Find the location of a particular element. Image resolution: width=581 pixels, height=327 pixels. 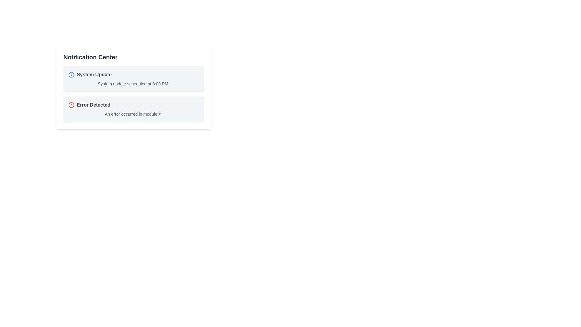

the notification header with the blue circular icon and 'System Update' text is located at coordinates (133, 74).